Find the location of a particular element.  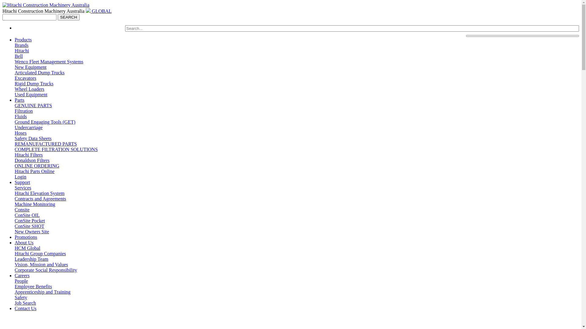

'Contact Us' is located at coordinates (25, 308).